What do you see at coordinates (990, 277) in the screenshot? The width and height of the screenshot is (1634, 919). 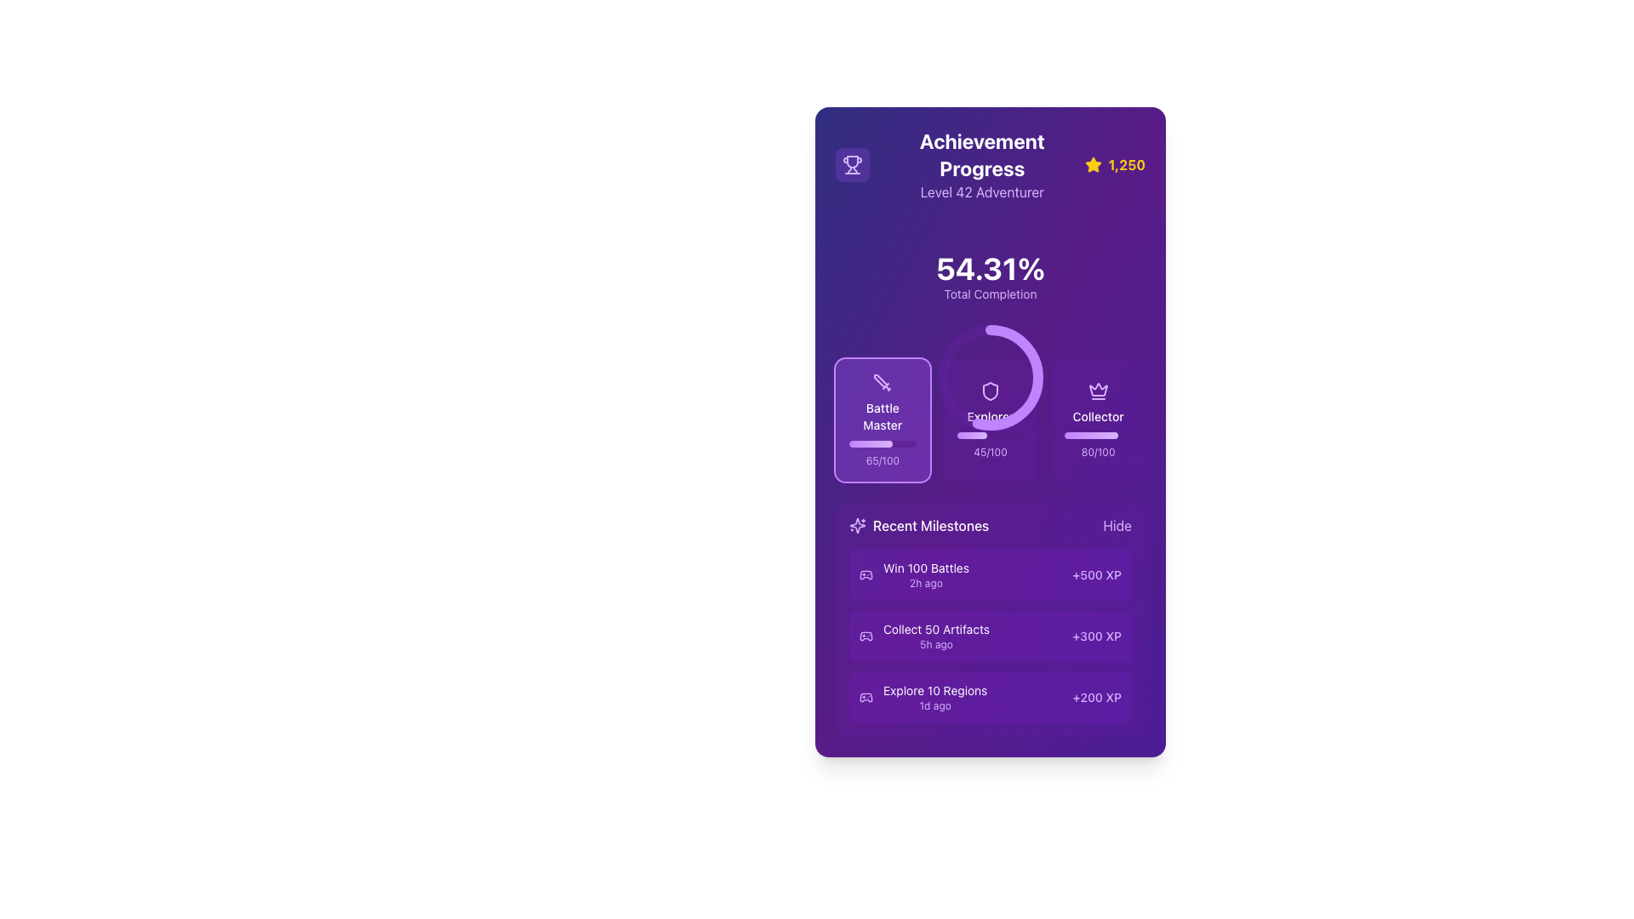 I see `the circular progress indicator element located within the 'Achievement Progress' card, which is positioned beneath the text '54.31%' and above the label 'Explore'` at bounding box center [990, 277].